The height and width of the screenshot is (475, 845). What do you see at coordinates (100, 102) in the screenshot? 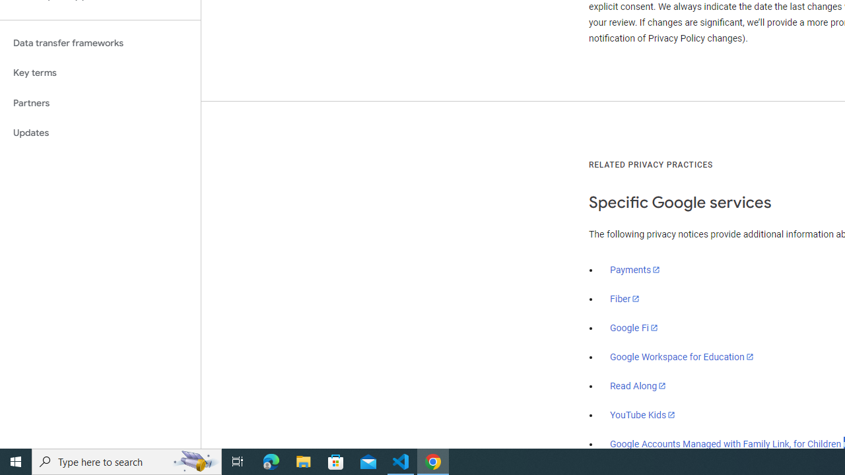
I see `'Partners'` at bounding box center [100, 102].